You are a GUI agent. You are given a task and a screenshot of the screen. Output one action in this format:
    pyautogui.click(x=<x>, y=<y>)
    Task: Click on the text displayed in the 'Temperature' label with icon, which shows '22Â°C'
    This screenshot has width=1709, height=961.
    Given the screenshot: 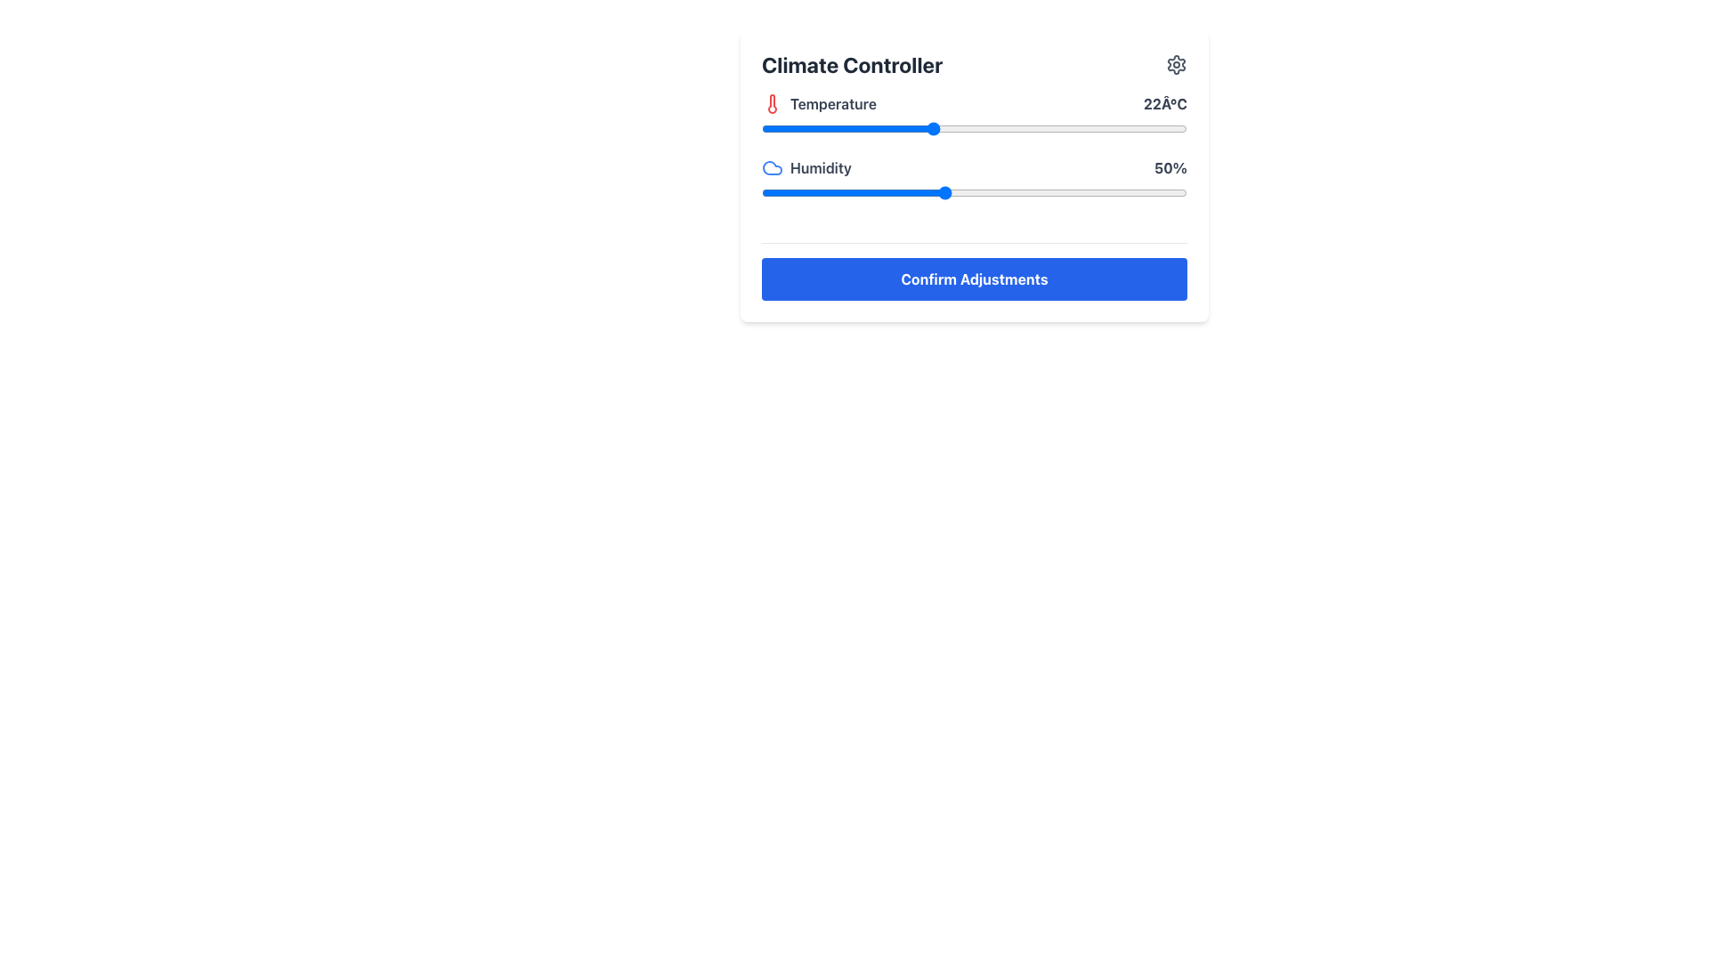 What is the action you would take?
    pyautogui.click(x=818, y=103)
    